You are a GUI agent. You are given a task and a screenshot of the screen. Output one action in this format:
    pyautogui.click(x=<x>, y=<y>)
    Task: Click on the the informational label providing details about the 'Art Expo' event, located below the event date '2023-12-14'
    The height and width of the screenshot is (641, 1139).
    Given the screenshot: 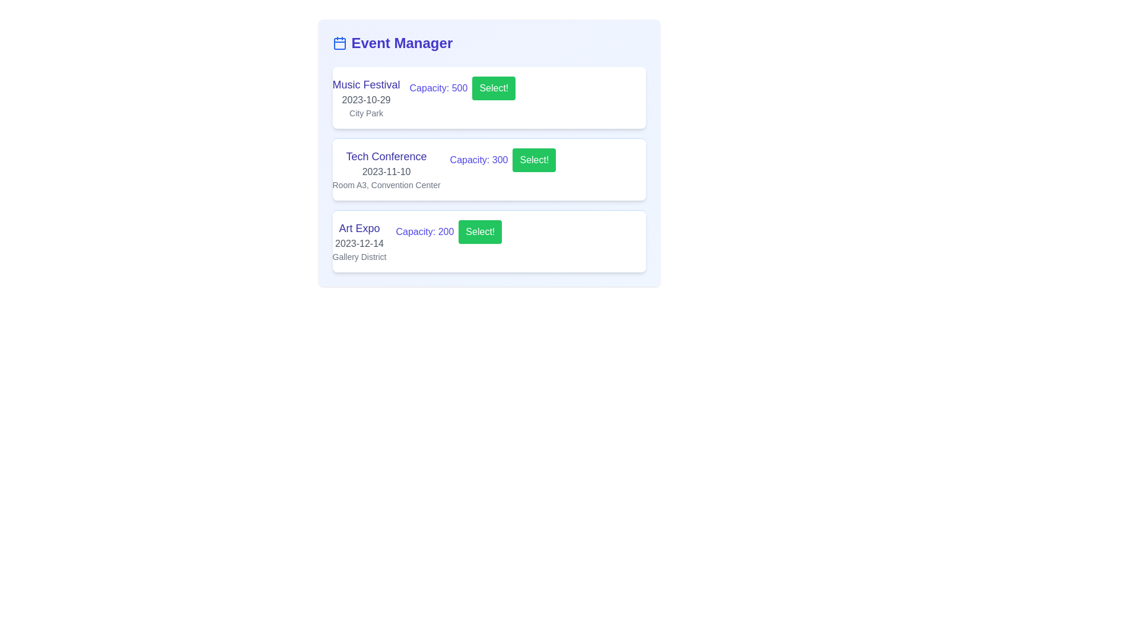 What is the action you would take?
    pyautogui.click(x=358, y=256)
    